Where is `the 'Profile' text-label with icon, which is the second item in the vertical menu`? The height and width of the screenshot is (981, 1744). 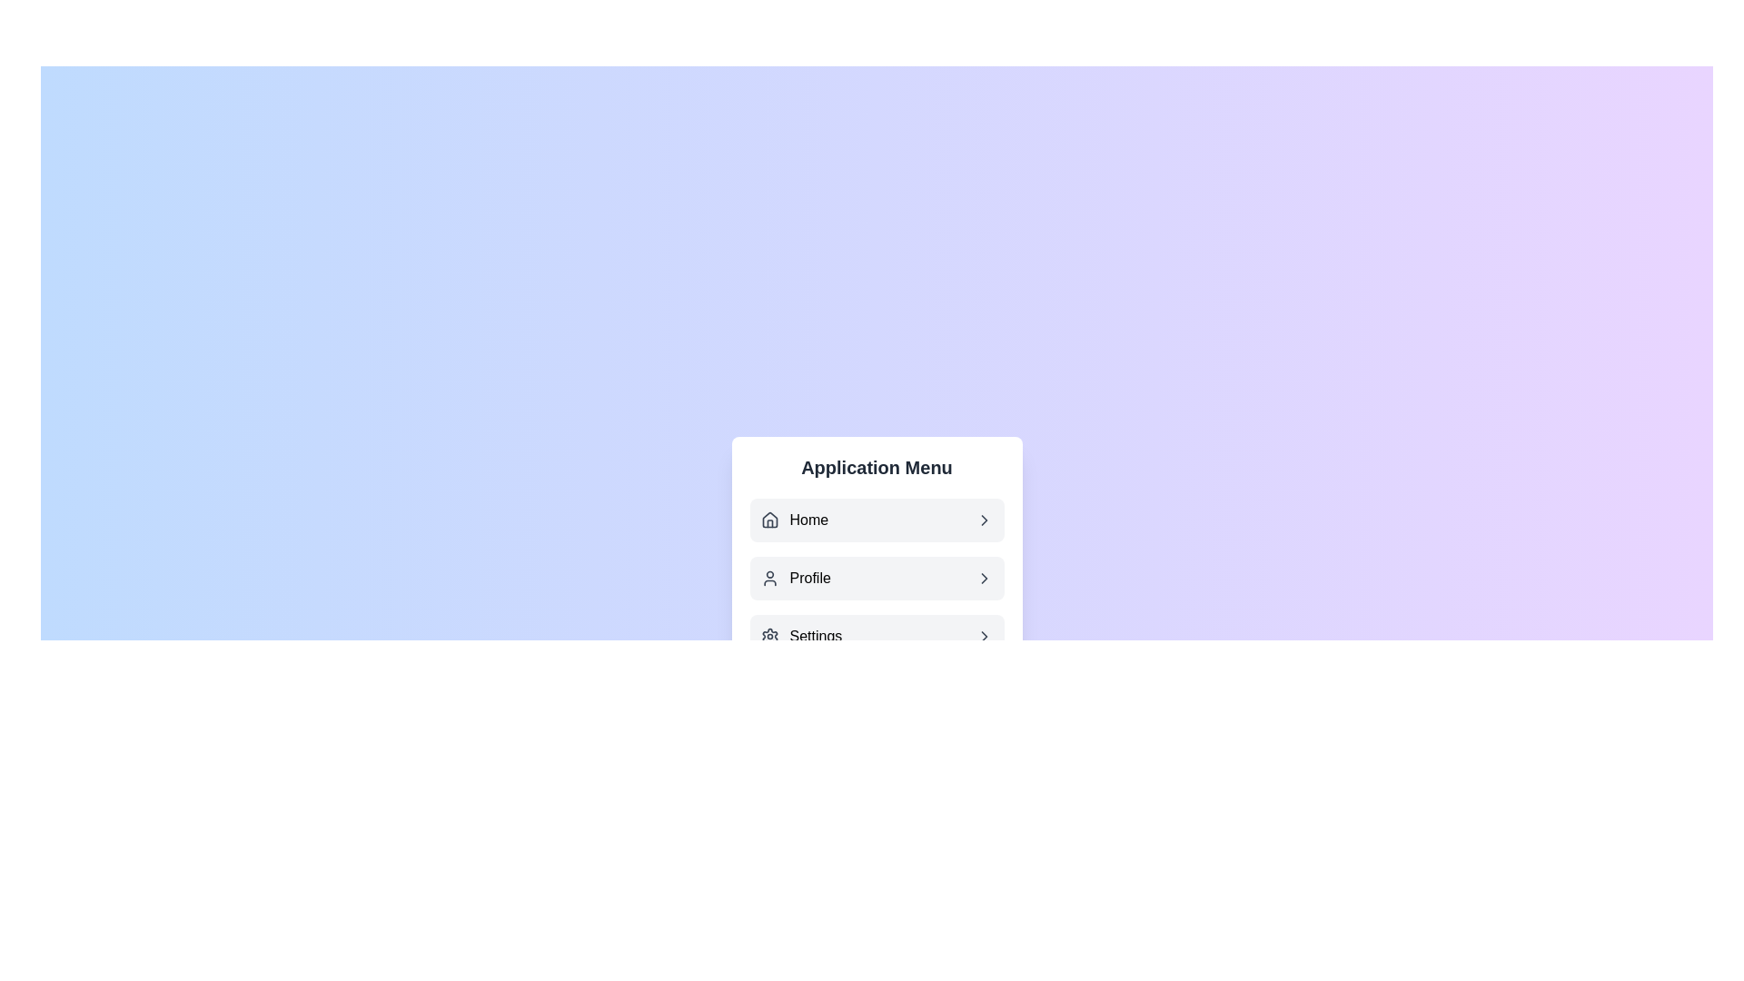 the 'Profile' text-label with icon, which is the second item in the vertical menu is located at coordinates (795, 578).